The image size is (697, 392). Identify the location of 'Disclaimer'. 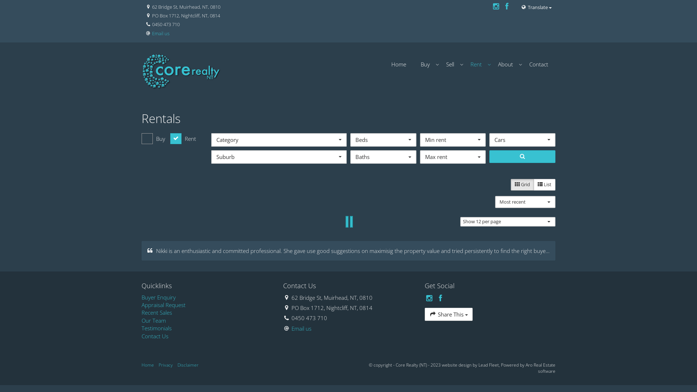
(188, 365).